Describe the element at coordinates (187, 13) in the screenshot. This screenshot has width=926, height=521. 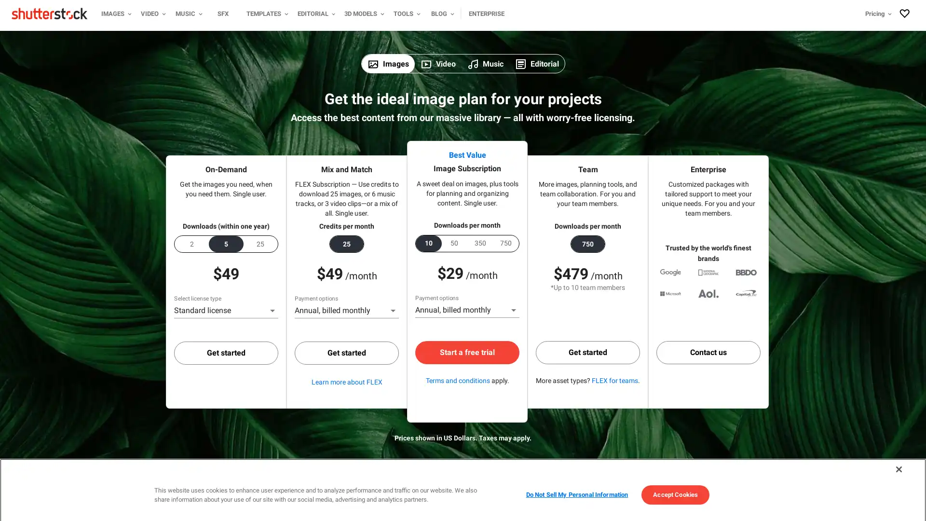
I see `Music` at that location.